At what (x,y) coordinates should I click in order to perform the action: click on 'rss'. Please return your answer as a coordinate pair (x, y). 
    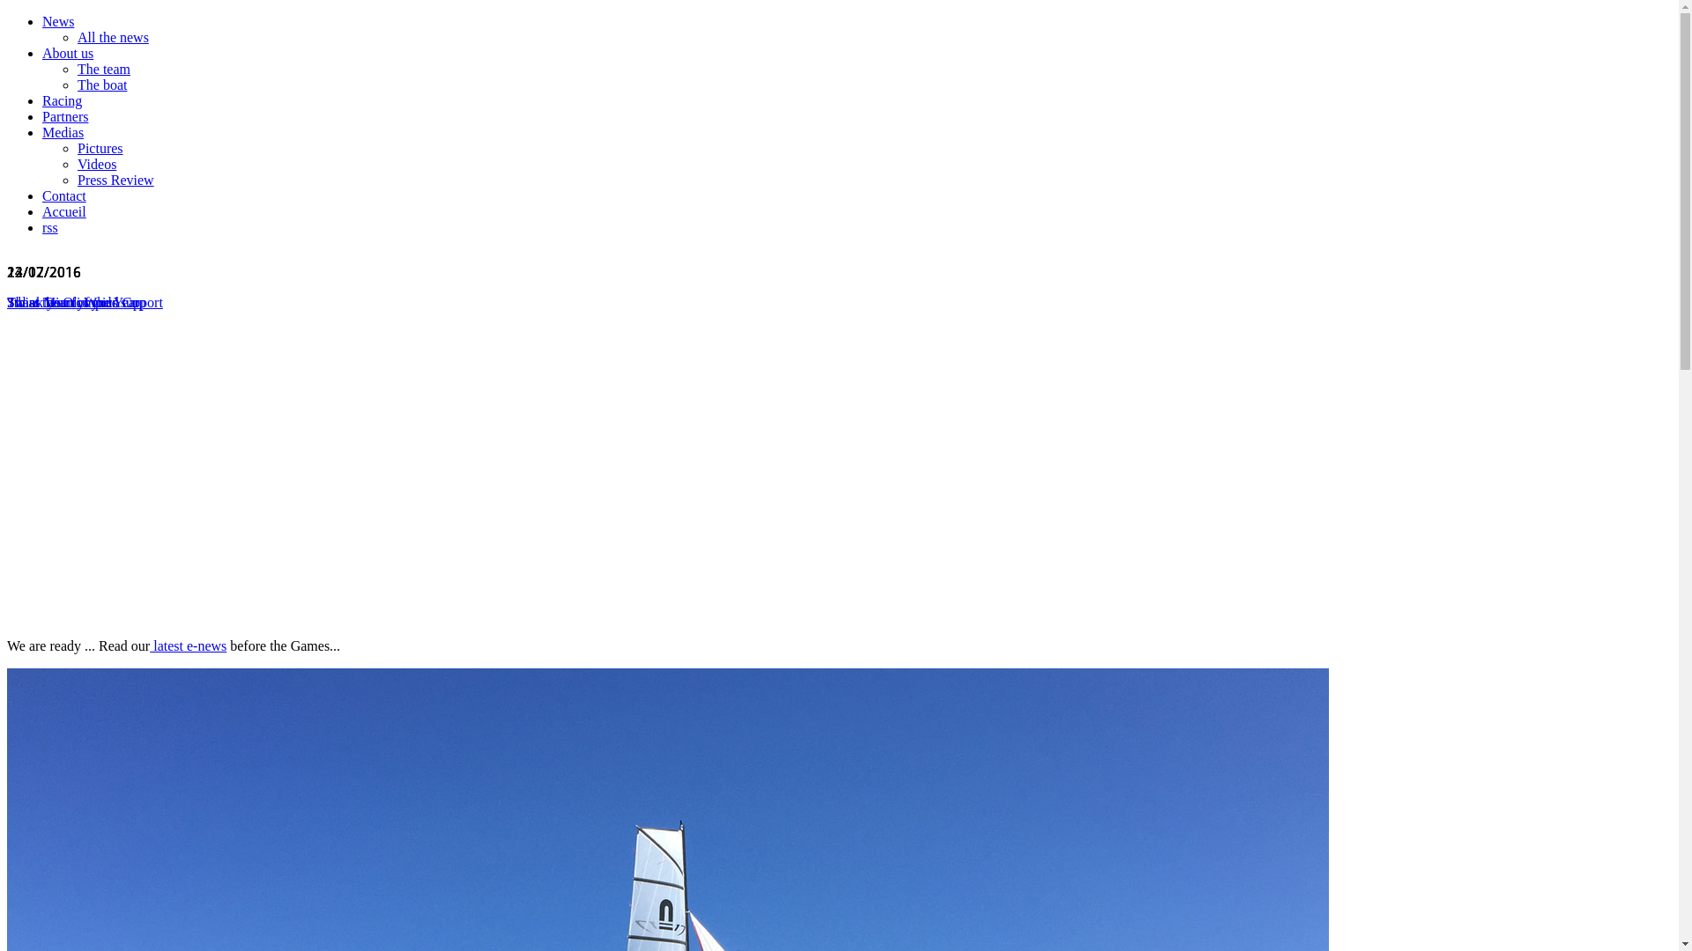
    Looking at the image, I should click on (50, 226).